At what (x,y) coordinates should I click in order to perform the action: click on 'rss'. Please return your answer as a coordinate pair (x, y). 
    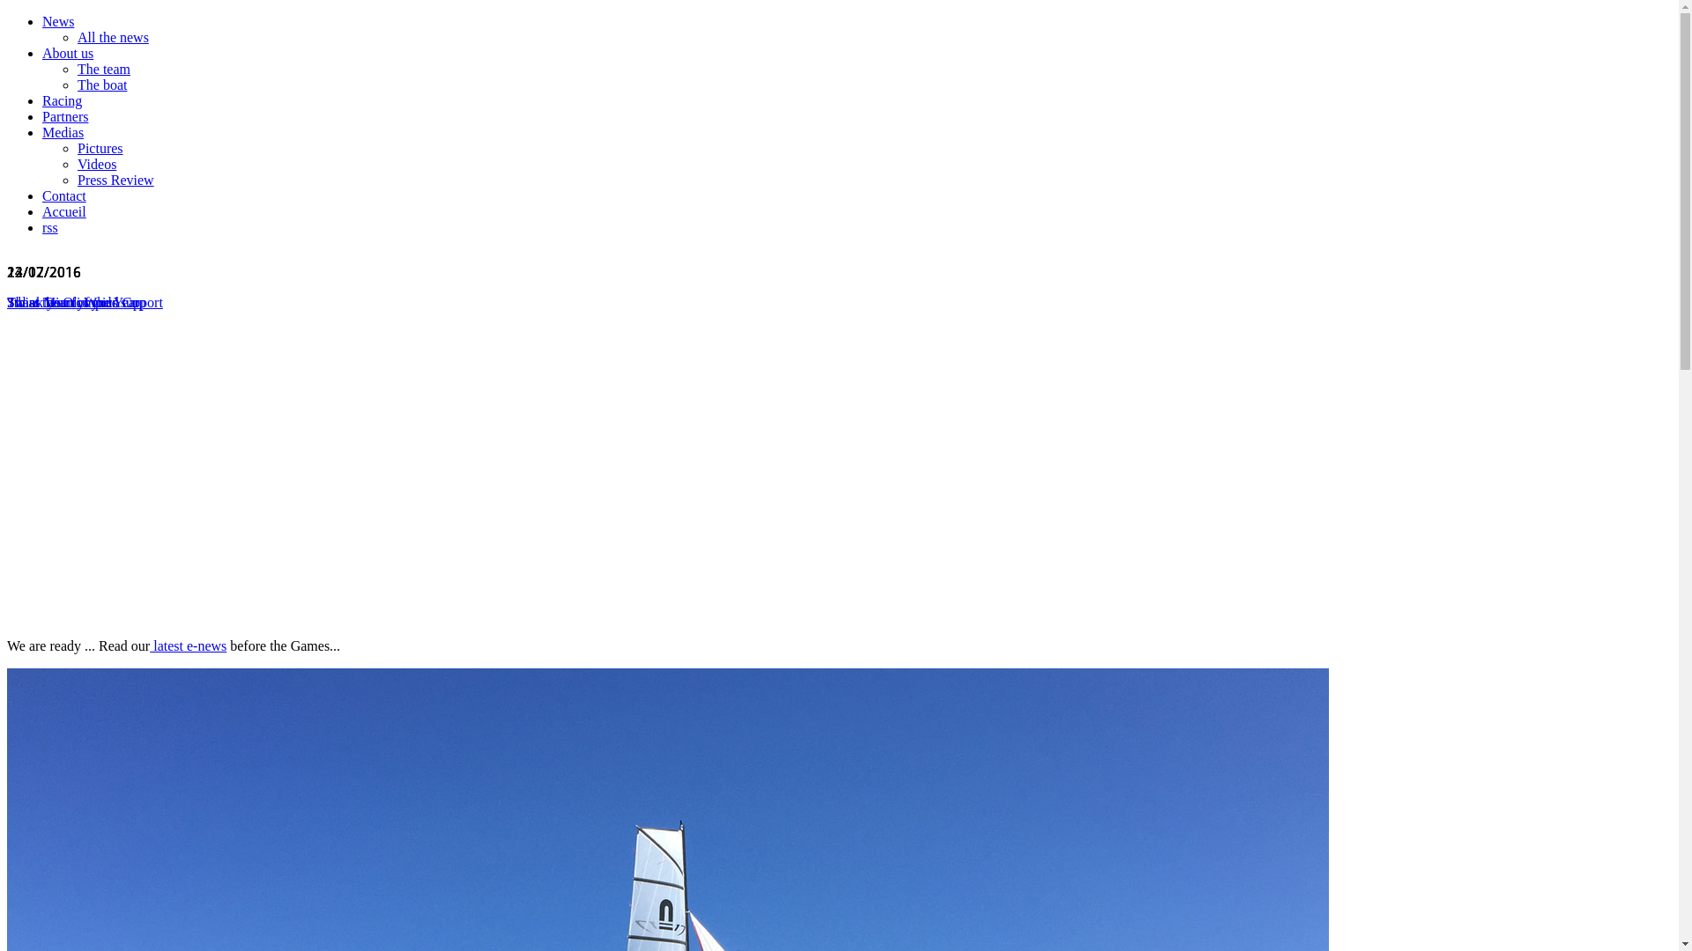
    Looking at the image, I should click on (50, 226).